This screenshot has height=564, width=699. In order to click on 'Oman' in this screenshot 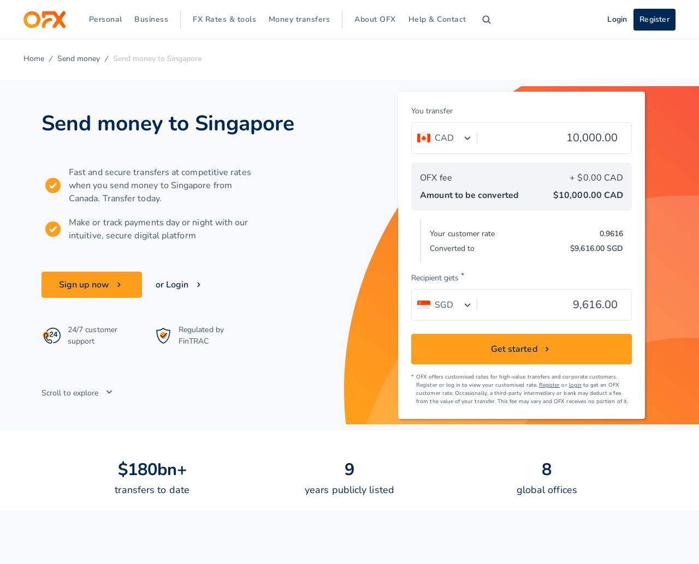, I will do `click(70, 388)`.